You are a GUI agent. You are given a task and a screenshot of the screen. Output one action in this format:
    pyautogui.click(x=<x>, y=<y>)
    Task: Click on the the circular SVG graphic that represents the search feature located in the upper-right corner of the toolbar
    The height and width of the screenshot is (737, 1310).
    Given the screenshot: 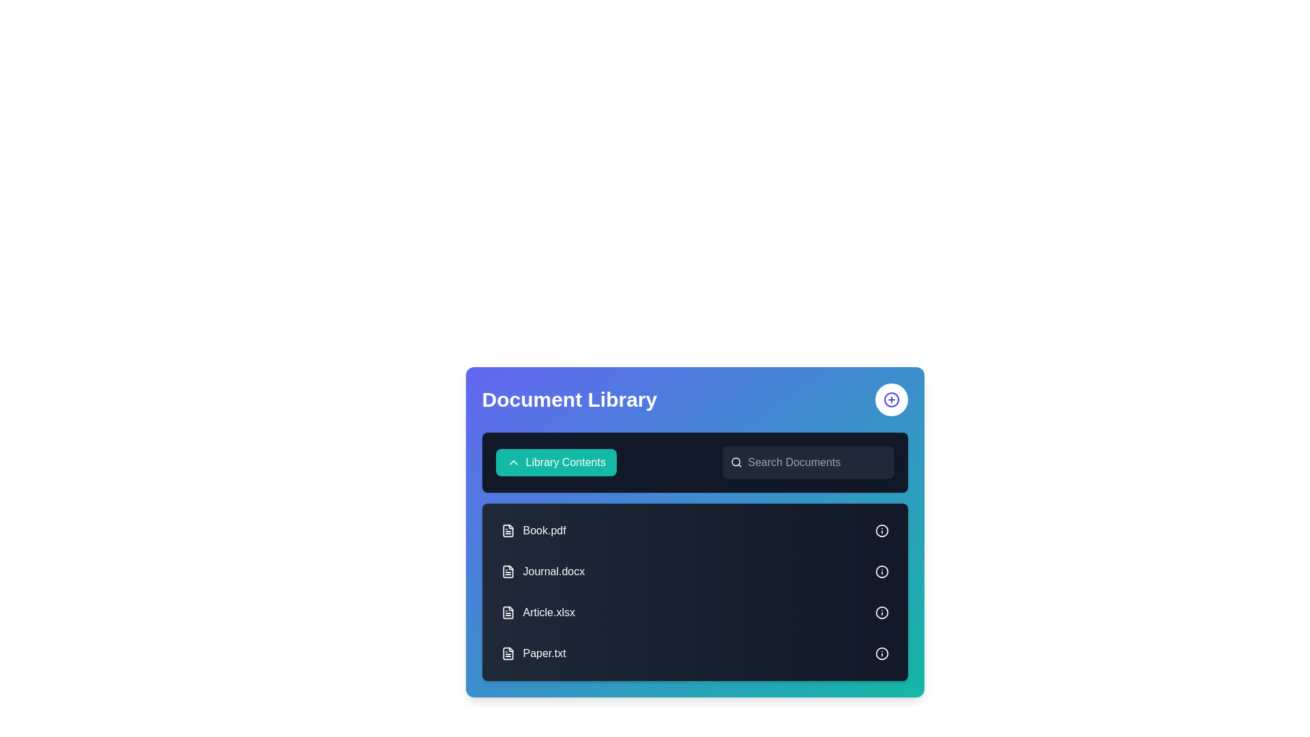 What is the action you would take?
    pyautogui.click(x=735, y=461)
    